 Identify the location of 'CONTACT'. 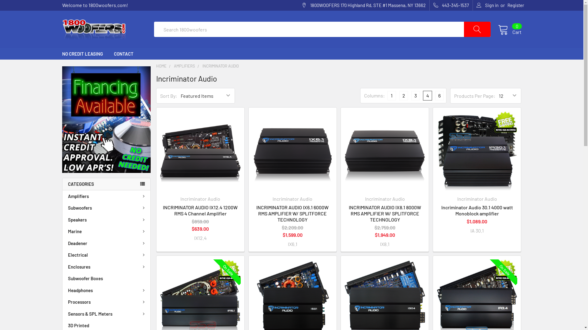
(123, 53).